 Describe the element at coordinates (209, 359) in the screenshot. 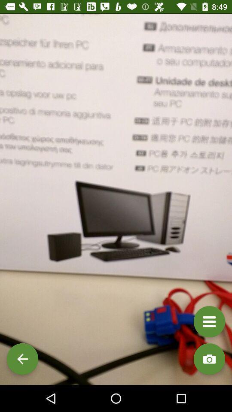

I see `the photo icon` at that location.